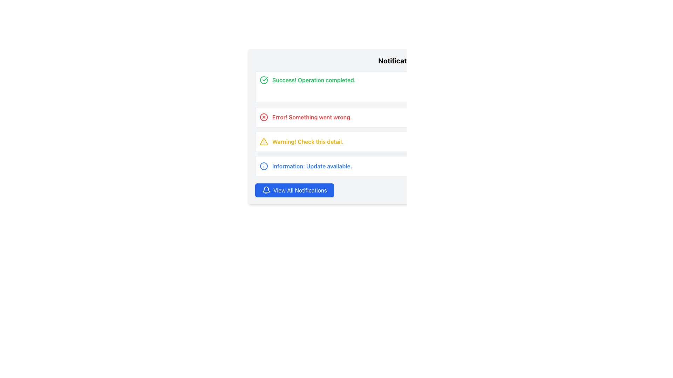  I want to click on the warning notification box in the Notification Dashboard, so click(416, 142).